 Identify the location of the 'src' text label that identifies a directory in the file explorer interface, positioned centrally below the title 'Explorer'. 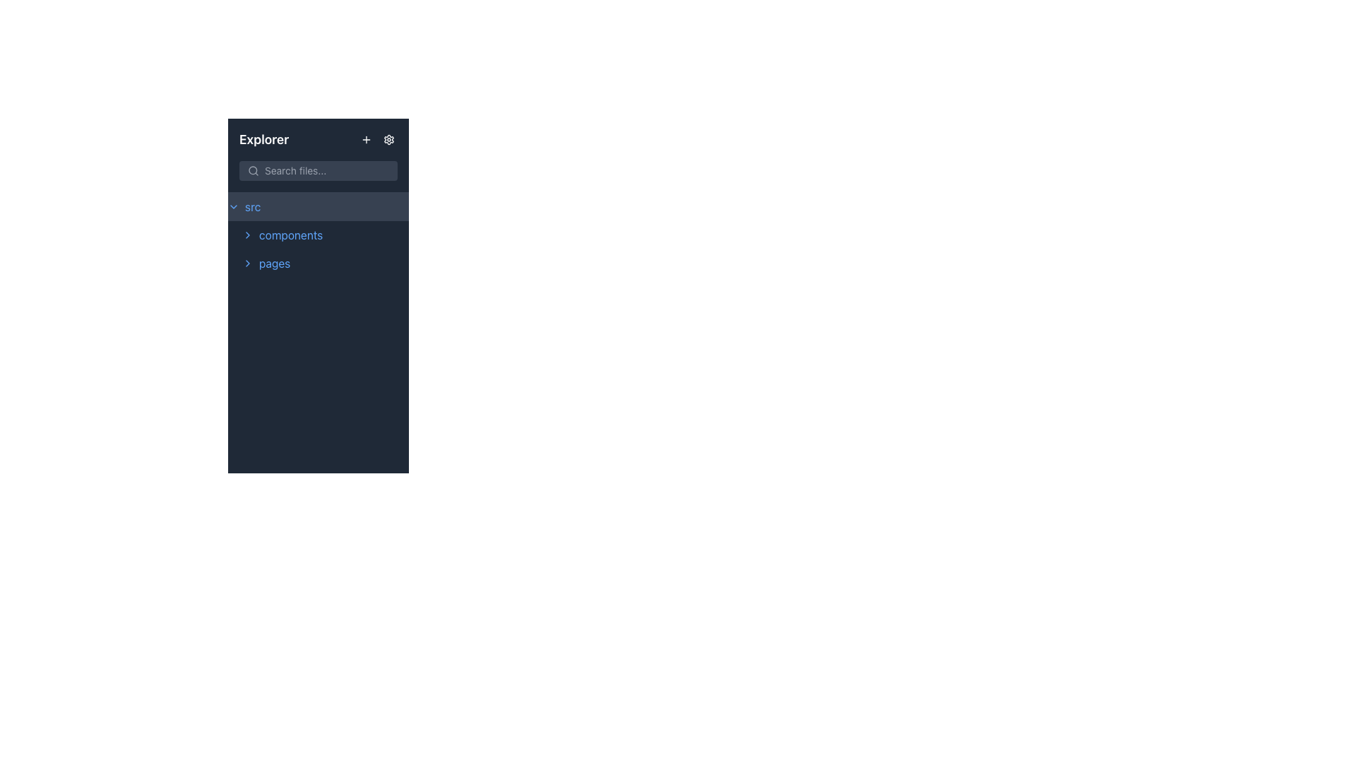
(253, 207).